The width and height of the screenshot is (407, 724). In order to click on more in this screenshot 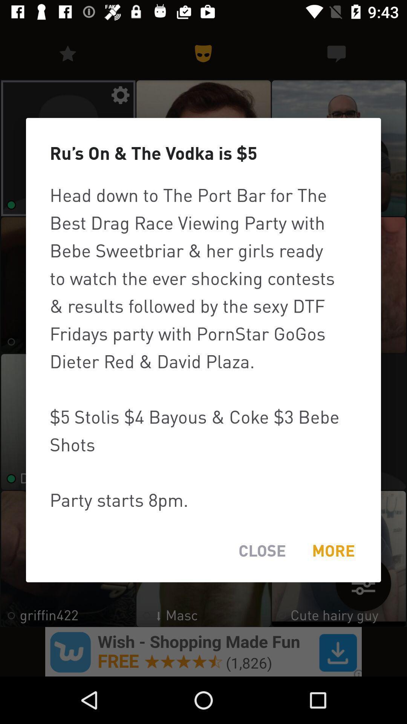, I will do `click(333, 551)`.